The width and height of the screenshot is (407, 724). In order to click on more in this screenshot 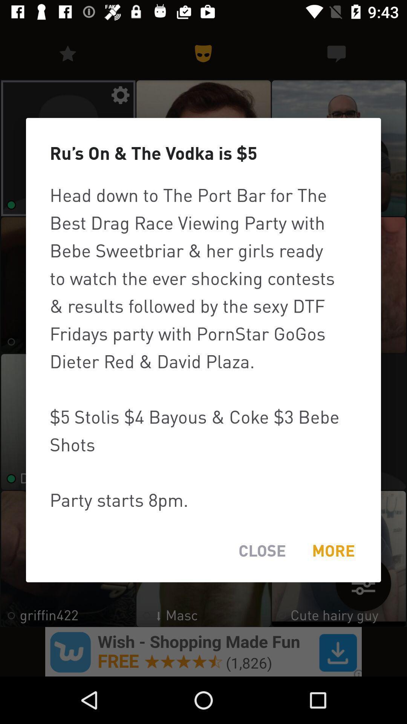, I will do `click(333, 551)`.